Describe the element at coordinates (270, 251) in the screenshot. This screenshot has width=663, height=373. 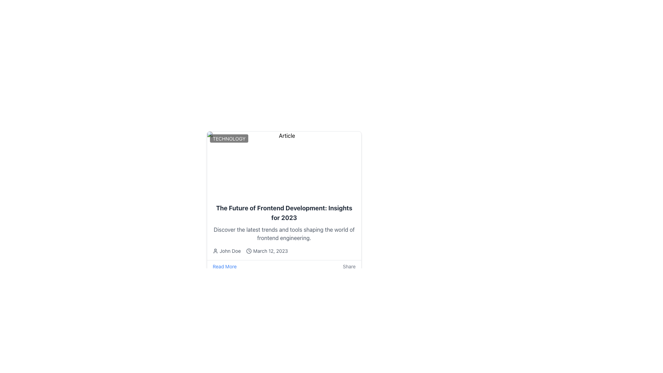
I see `the text label displaying 'March 12, 2023', which is positioned next to a clock icon` at that location.